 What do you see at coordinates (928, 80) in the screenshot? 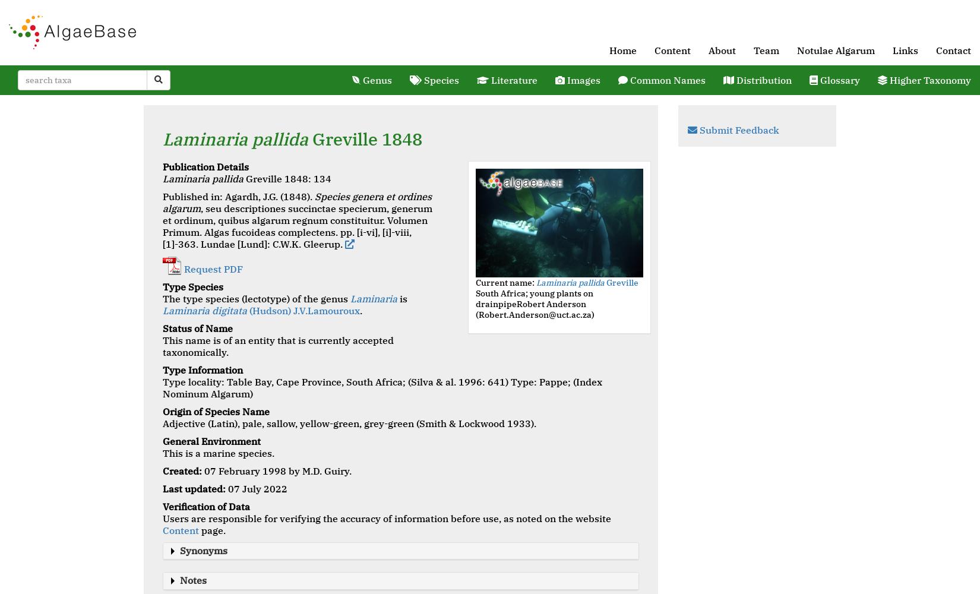
I see `'Higher Taxonomy'` at bounding box center [928, 80].